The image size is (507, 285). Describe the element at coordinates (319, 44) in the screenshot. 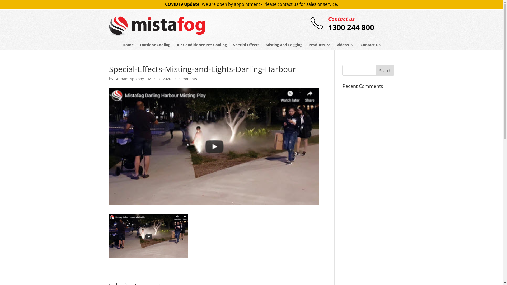

I see `'Products'` at that location.